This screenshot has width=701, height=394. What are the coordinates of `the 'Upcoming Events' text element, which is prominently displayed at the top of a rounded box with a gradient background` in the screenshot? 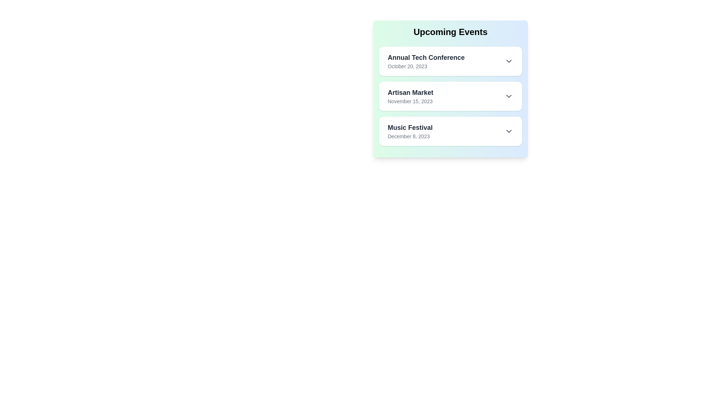 It's located at (450, 32).